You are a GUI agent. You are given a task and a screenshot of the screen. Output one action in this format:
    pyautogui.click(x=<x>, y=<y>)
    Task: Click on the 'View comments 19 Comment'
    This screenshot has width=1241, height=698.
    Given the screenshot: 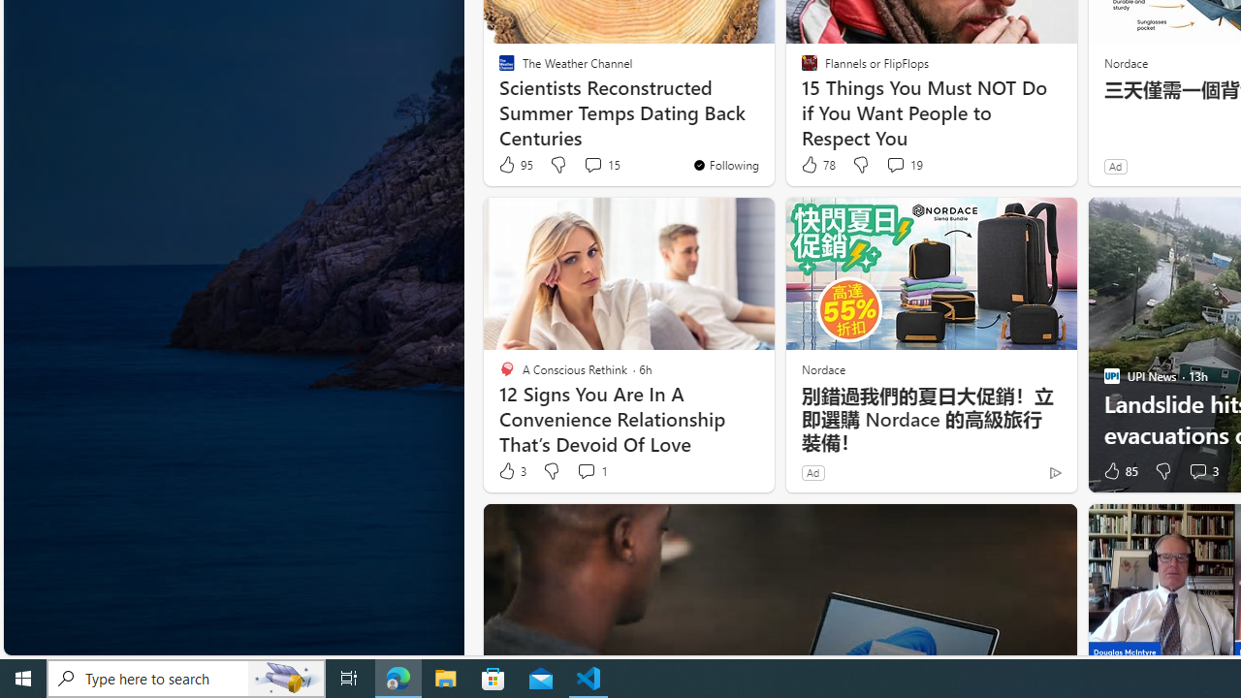 What is the action you would take?
    pyautogui.click(x=903, y=164)
    